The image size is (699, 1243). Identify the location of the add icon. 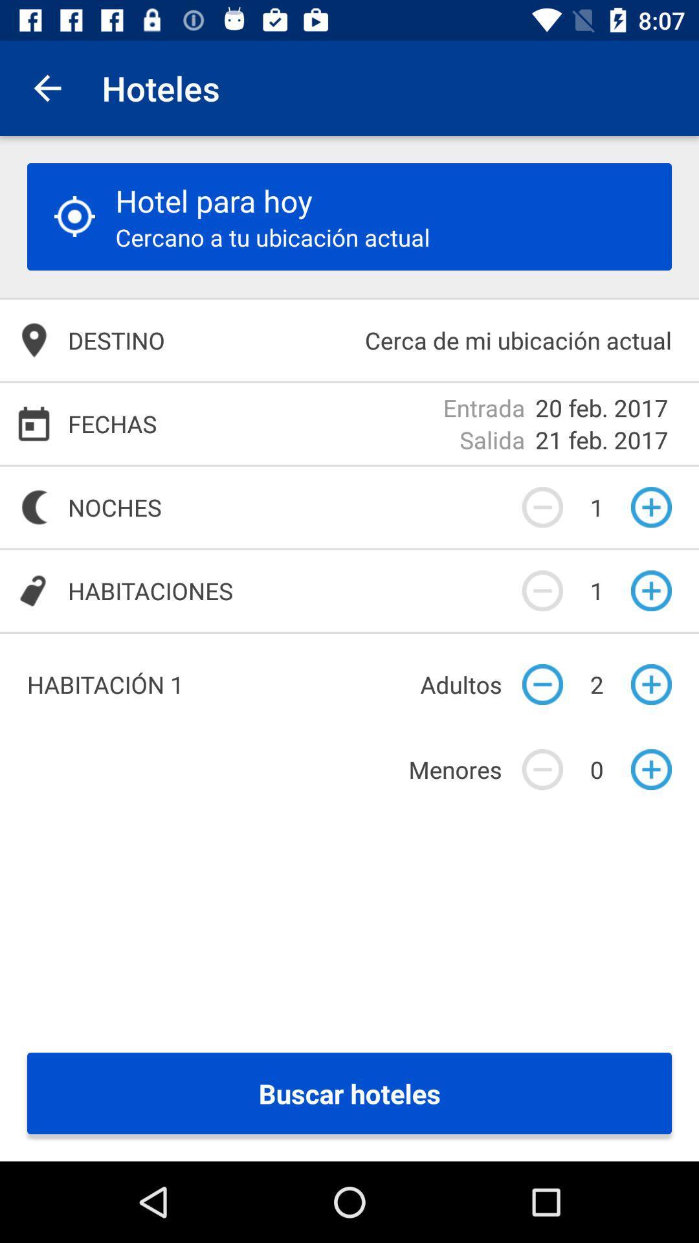
(651, 590).